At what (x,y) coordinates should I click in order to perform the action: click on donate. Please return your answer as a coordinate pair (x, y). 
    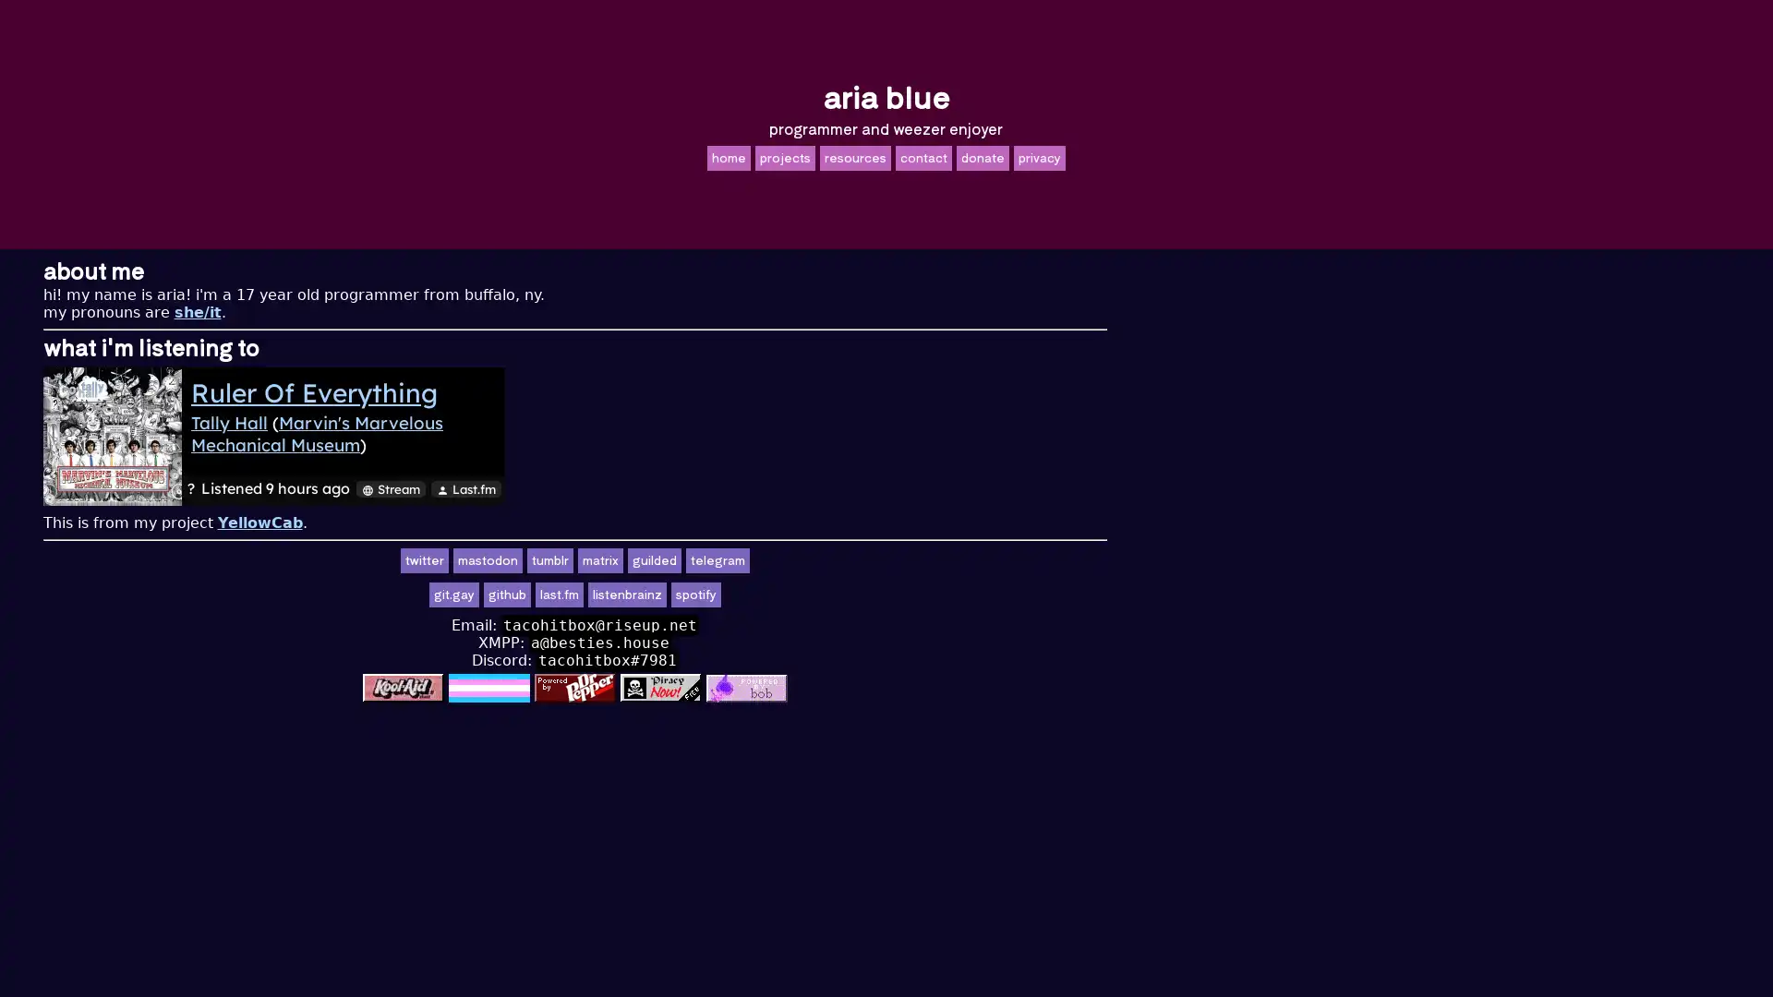
    Looking at the image, I should click on (981, 156).